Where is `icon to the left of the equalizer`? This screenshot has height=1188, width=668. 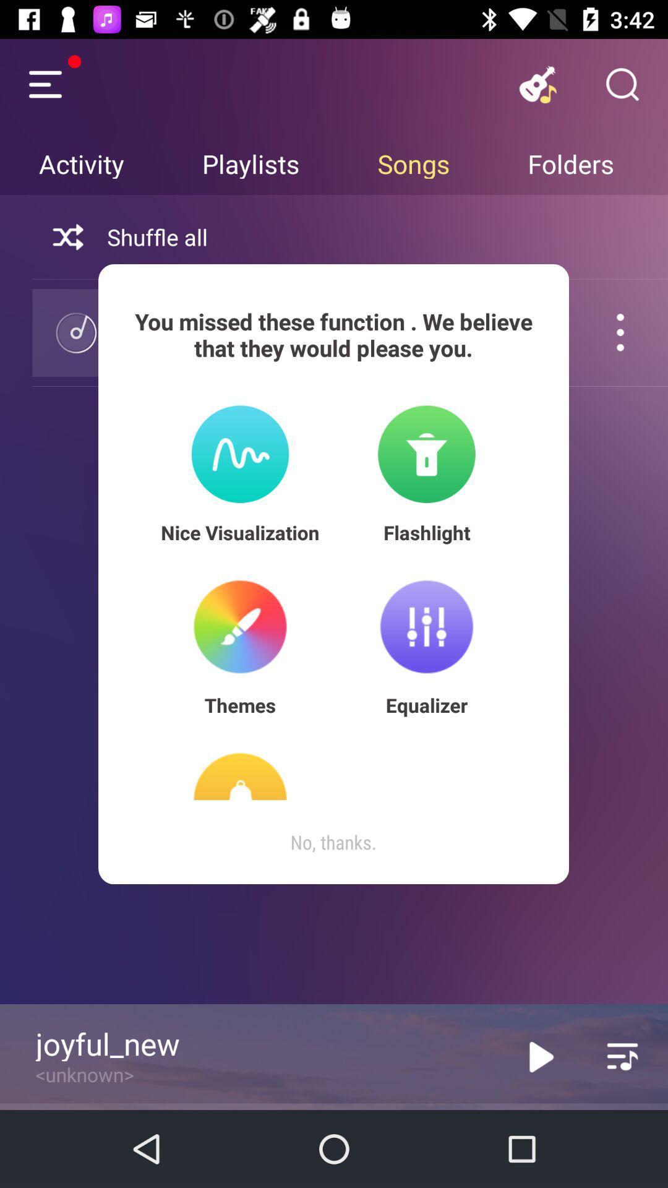 icon to the left of the equalizer is located at coordinates (240, 705).